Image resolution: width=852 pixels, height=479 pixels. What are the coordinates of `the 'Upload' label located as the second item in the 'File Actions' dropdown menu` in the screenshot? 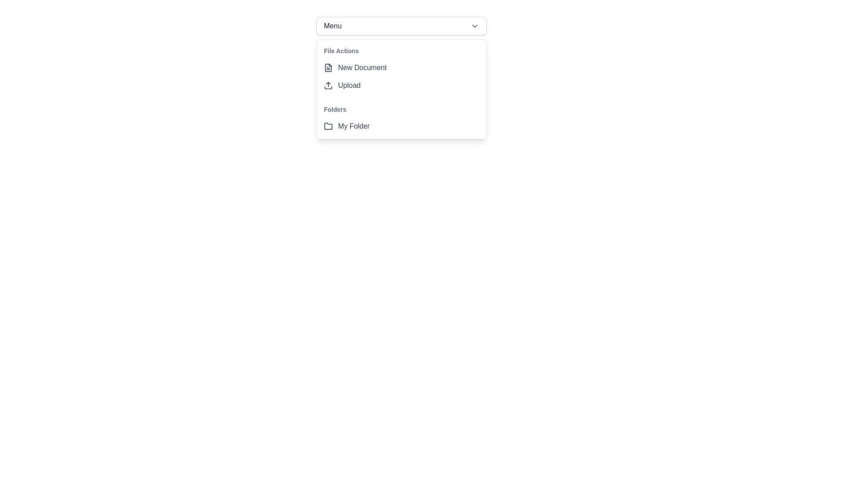 It's located at (349, 85).